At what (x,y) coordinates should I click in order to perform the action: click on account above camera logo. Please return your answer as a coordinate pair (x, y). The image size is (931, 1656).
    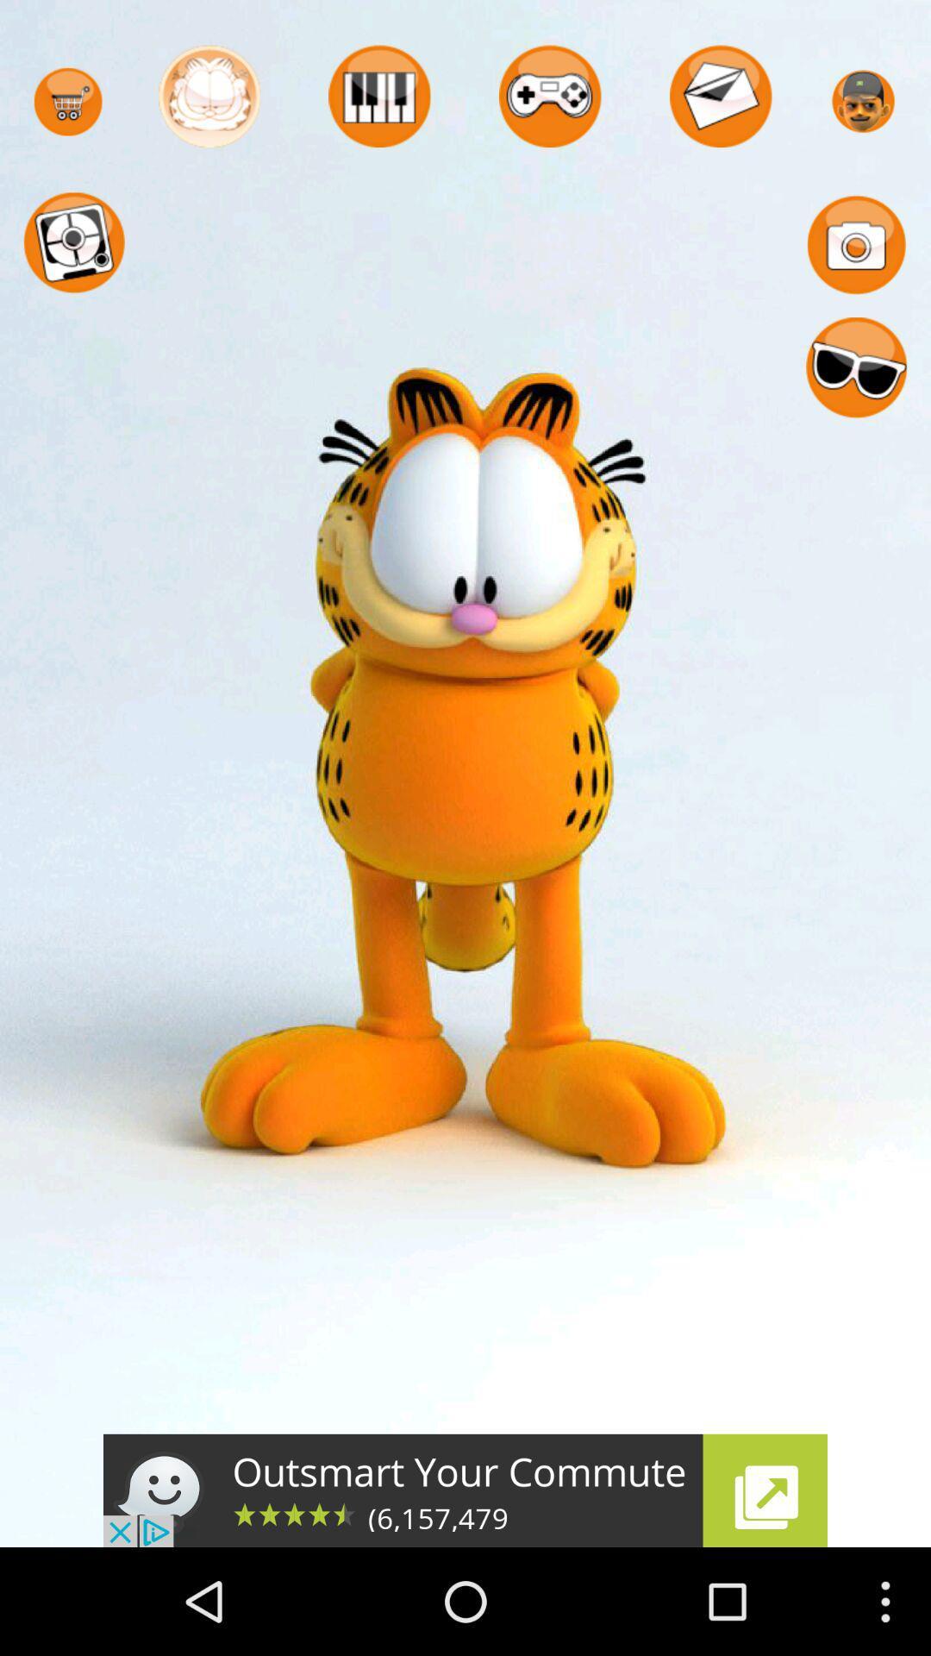
    Looking at the image, I should click on (863, 101).